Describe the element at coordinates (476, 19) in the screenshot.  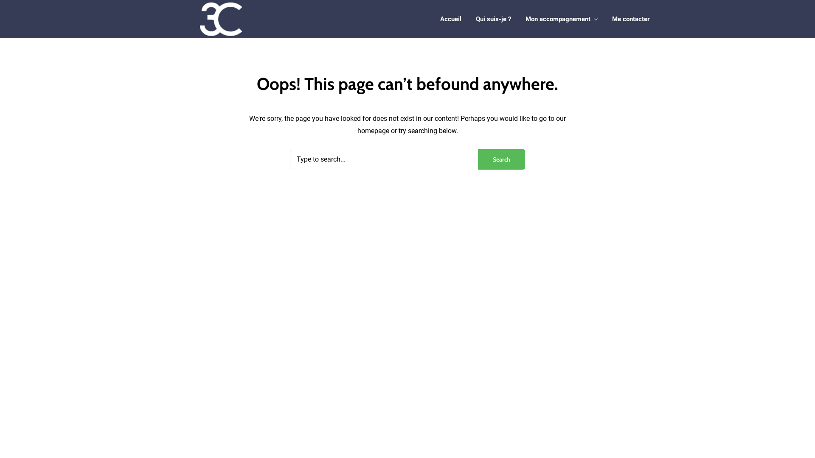
I see `'Qui suis-je ?'` at that location.